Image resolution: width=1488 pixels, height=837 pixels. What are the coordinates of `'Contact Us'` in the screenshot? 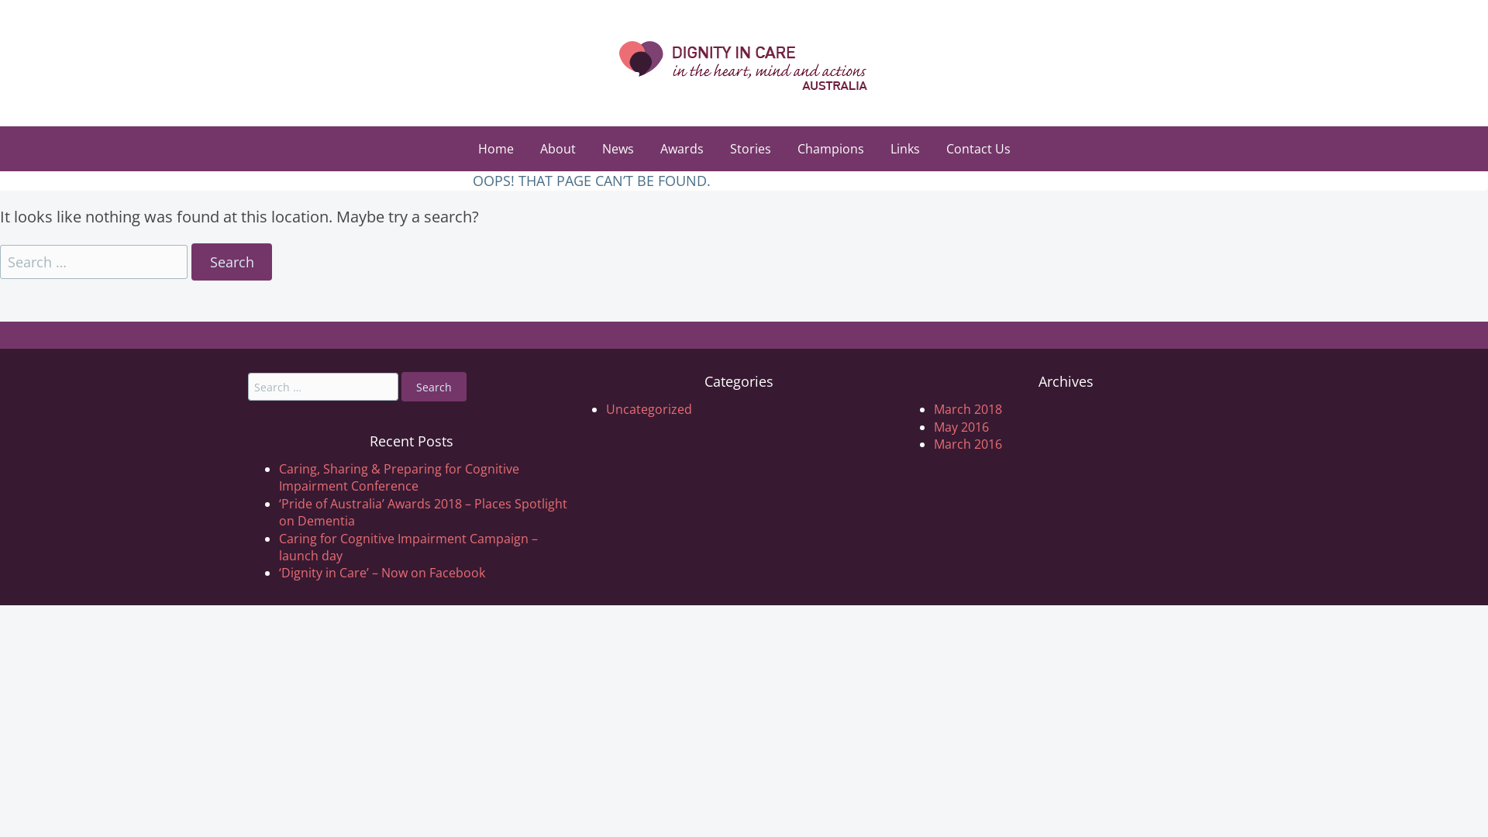 It's located at (977, 149).